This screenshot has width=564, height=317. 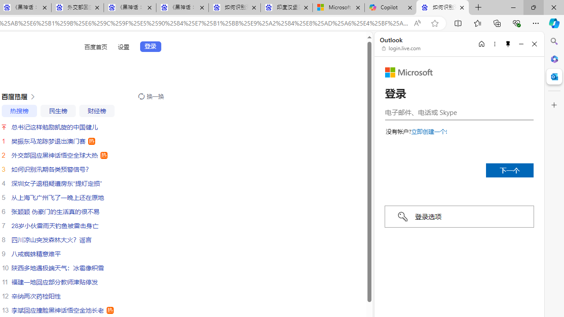 I want to click on 'Home', so click(x=481, y=44).